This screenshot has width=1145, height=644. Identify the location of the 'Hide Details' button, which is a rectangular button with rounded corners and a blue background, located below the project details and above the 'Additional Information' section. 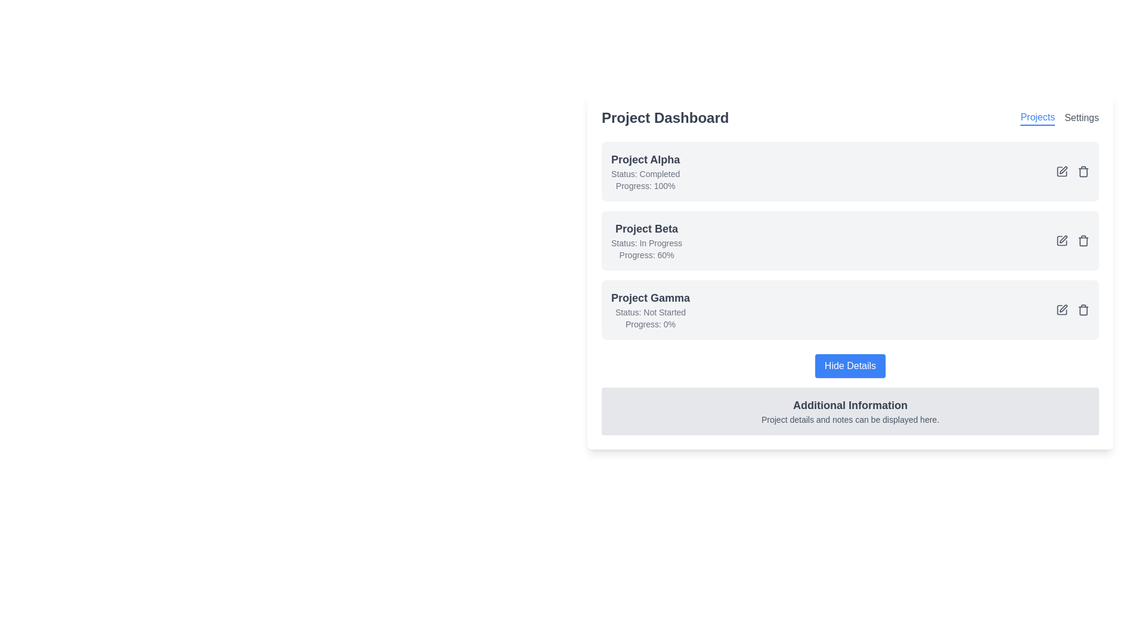
(849, 365).